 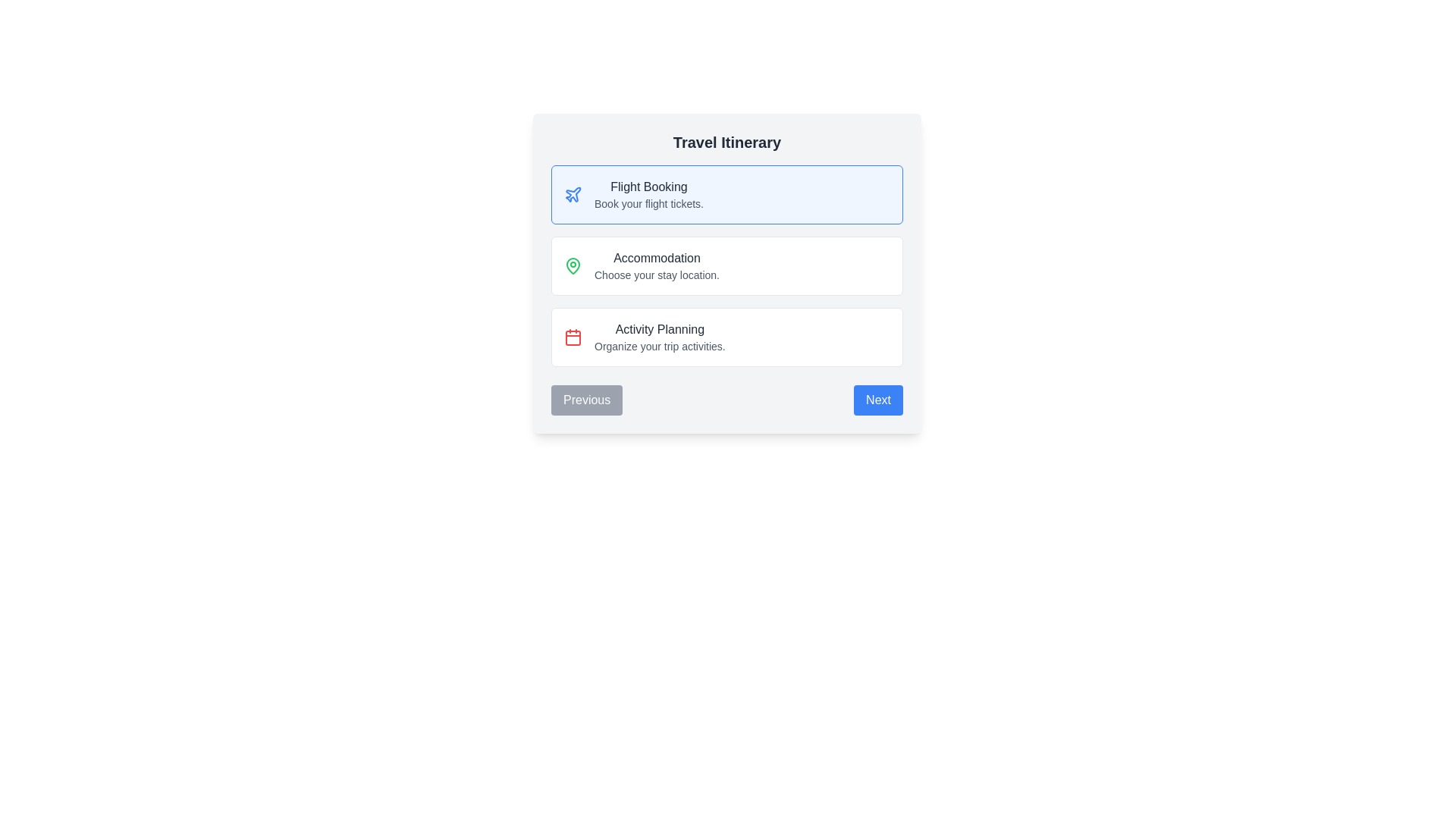 What do you see at coordinates (648, 194) in the screenshot?
I see `the Text block with a header and subheader that introduces flight booking options in the travel itinerary selection interface, located first in the vertical list of options, with a blue background highlight` at bounding box center [648, 194].